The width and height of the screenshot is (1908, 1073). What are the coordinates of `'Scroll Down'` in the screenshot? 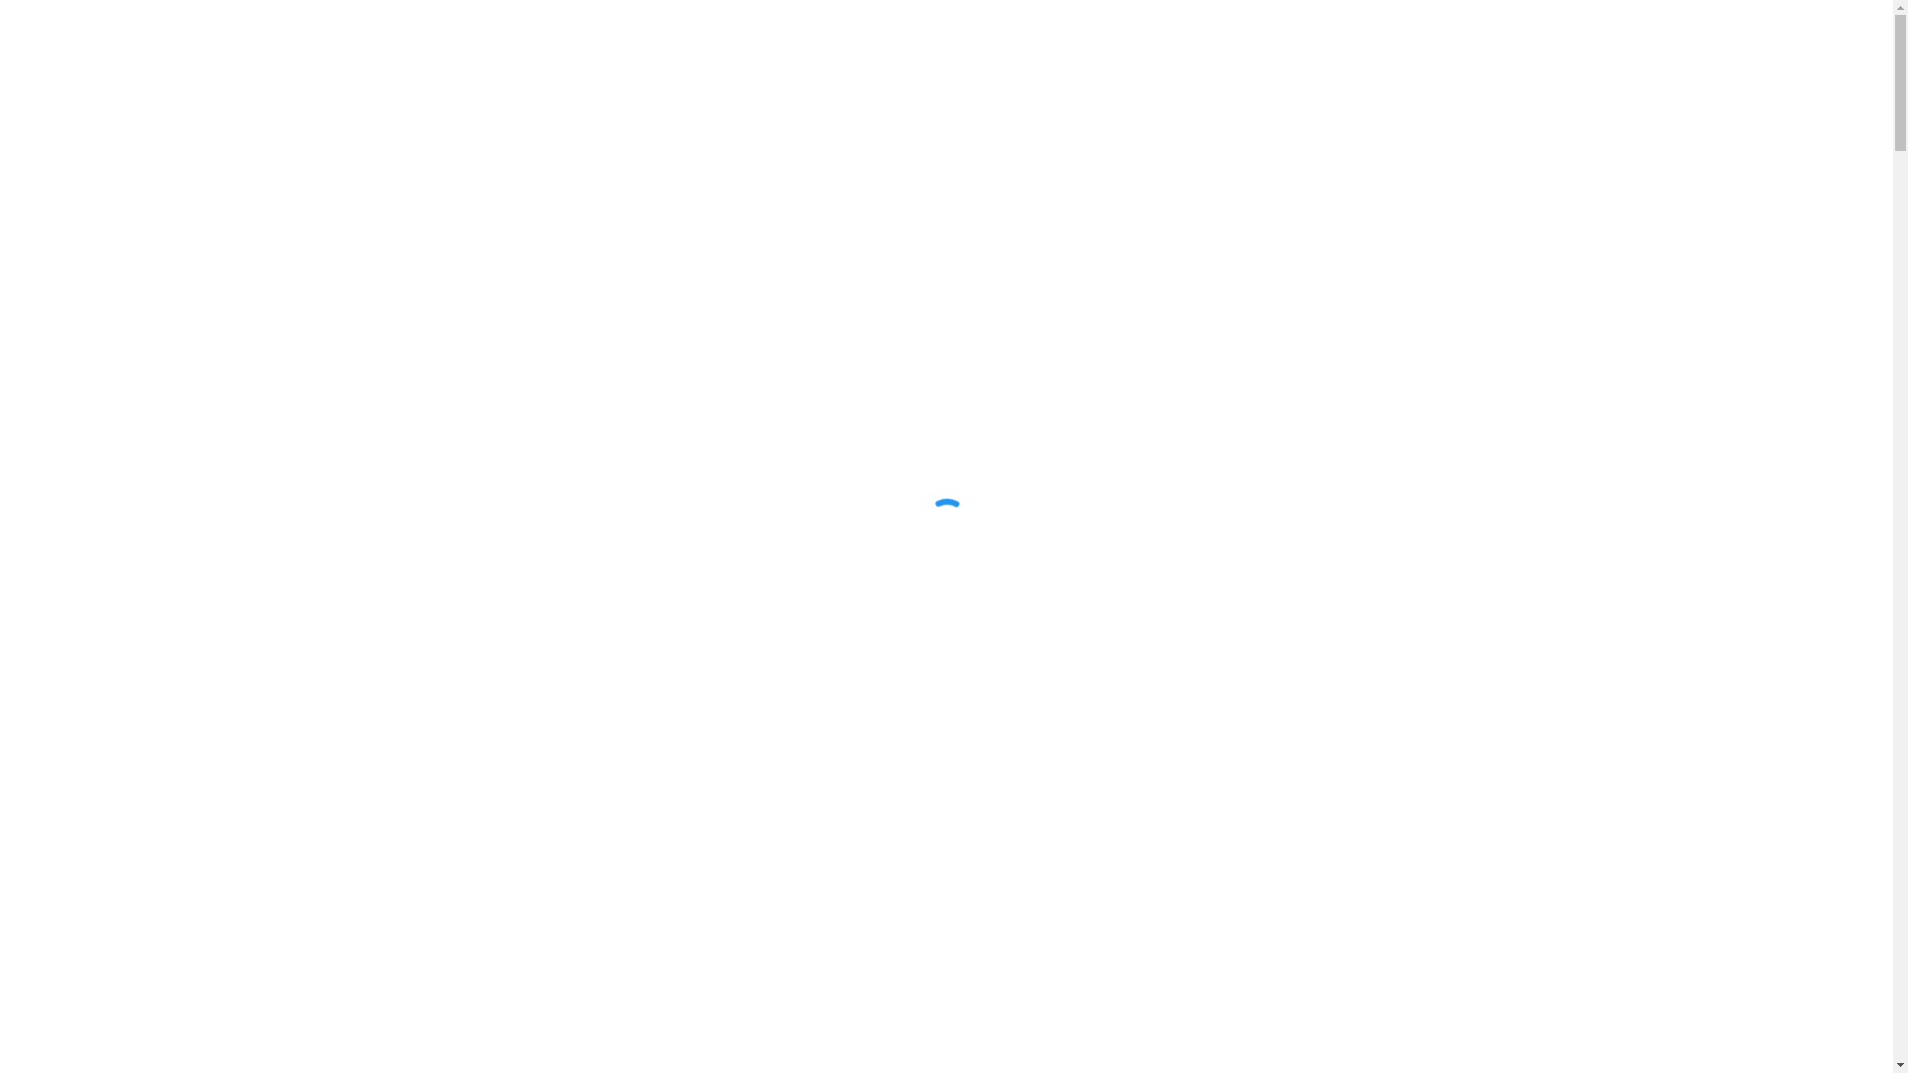 It's located at (945, 998).